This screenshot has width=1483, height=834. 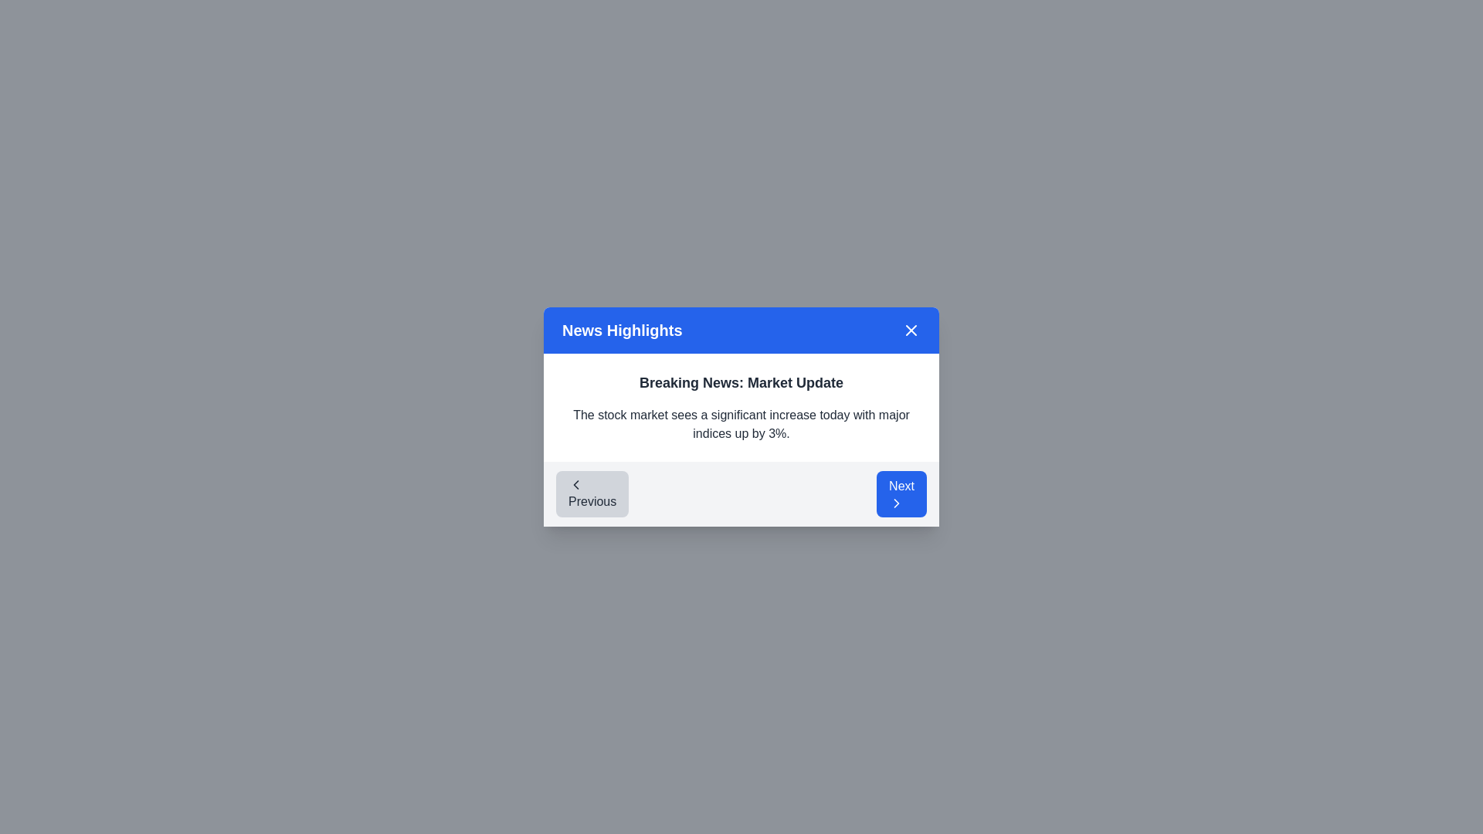 I want to click on the 'Previous' button icon located at the bottom-left corner of the 'News Highlights' modal dialog box, so click(x=575, y=484).